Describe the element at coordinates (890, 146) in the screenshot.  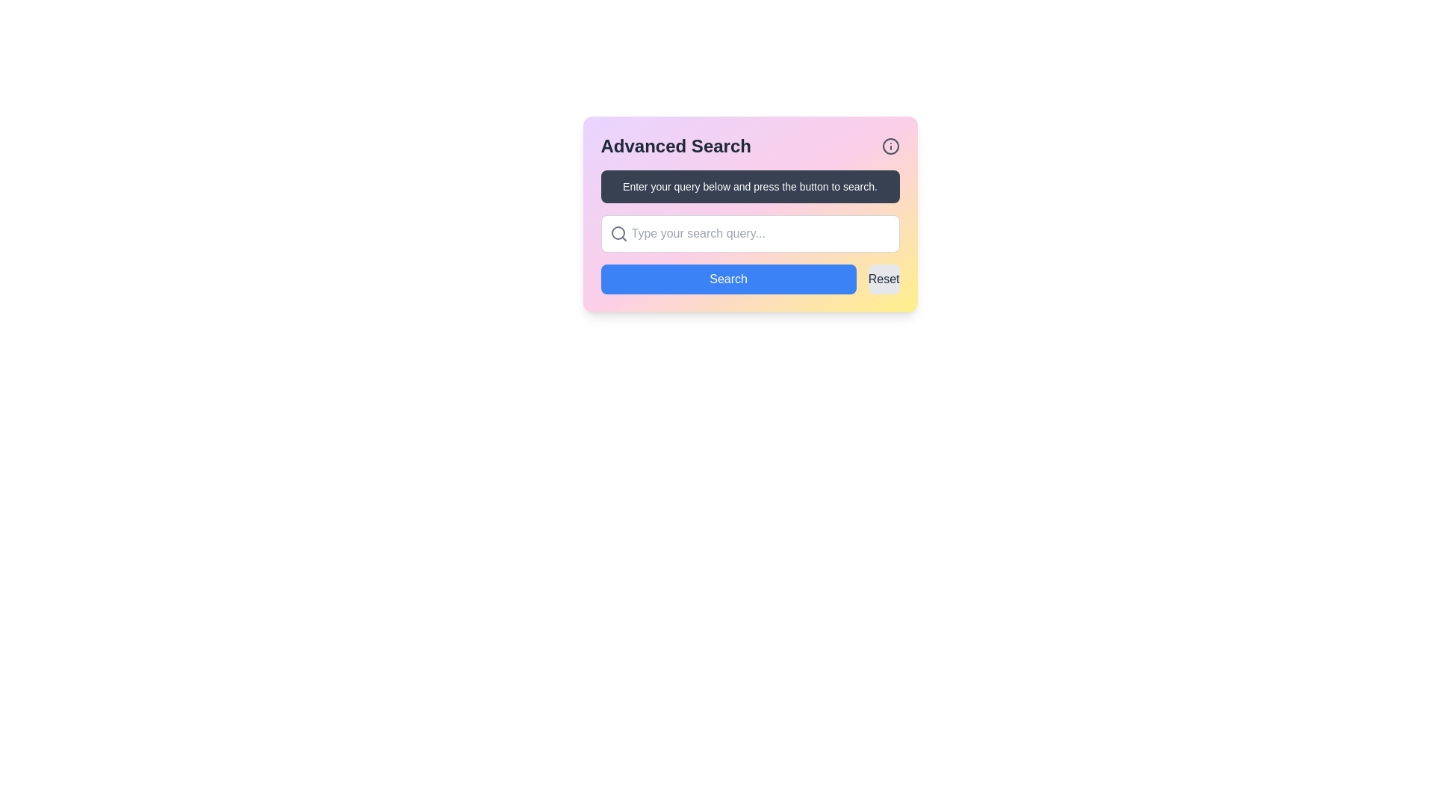
I see `the informational/help icon located at the top-right corner next to the header text 'Advanced Search'` at that location.